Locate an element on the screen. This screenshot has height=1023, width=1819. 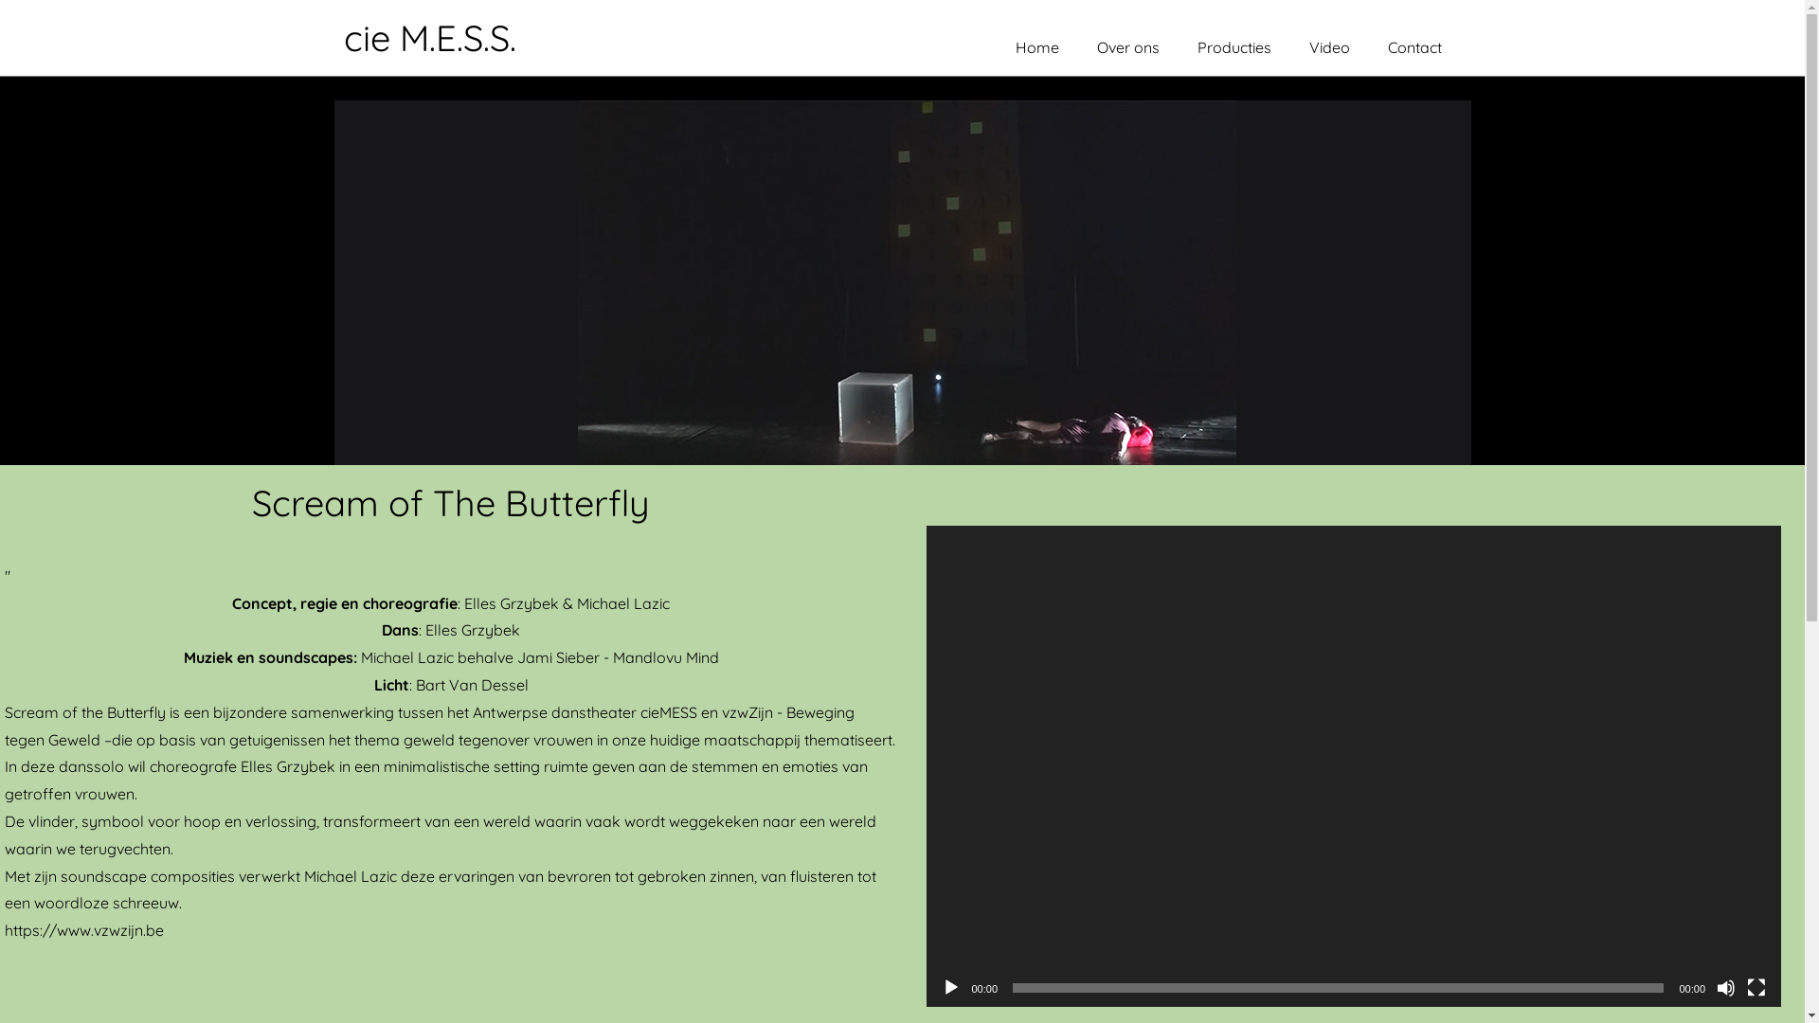
'https://www.vzwzijn.be' is located at coordinates (83, 929).